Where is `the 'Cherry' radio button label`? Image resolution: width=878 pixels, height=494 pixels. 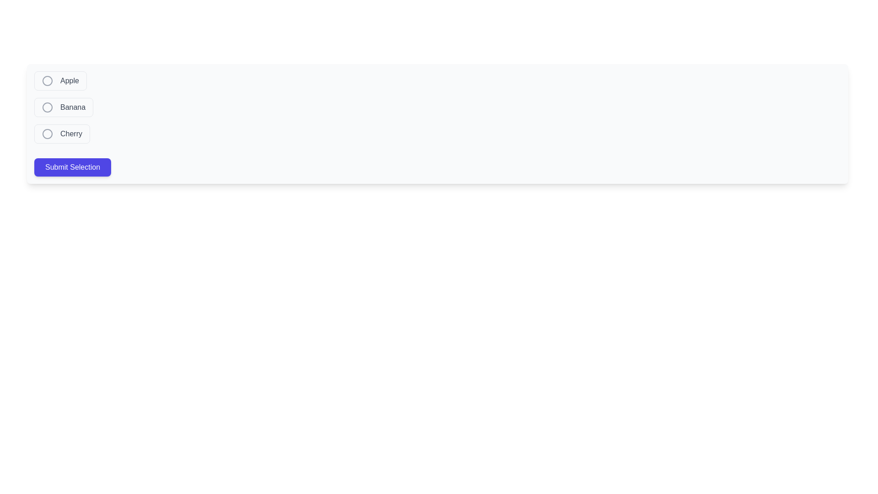 the 'Cherry' radio button label is located at coordinates (61, 134).